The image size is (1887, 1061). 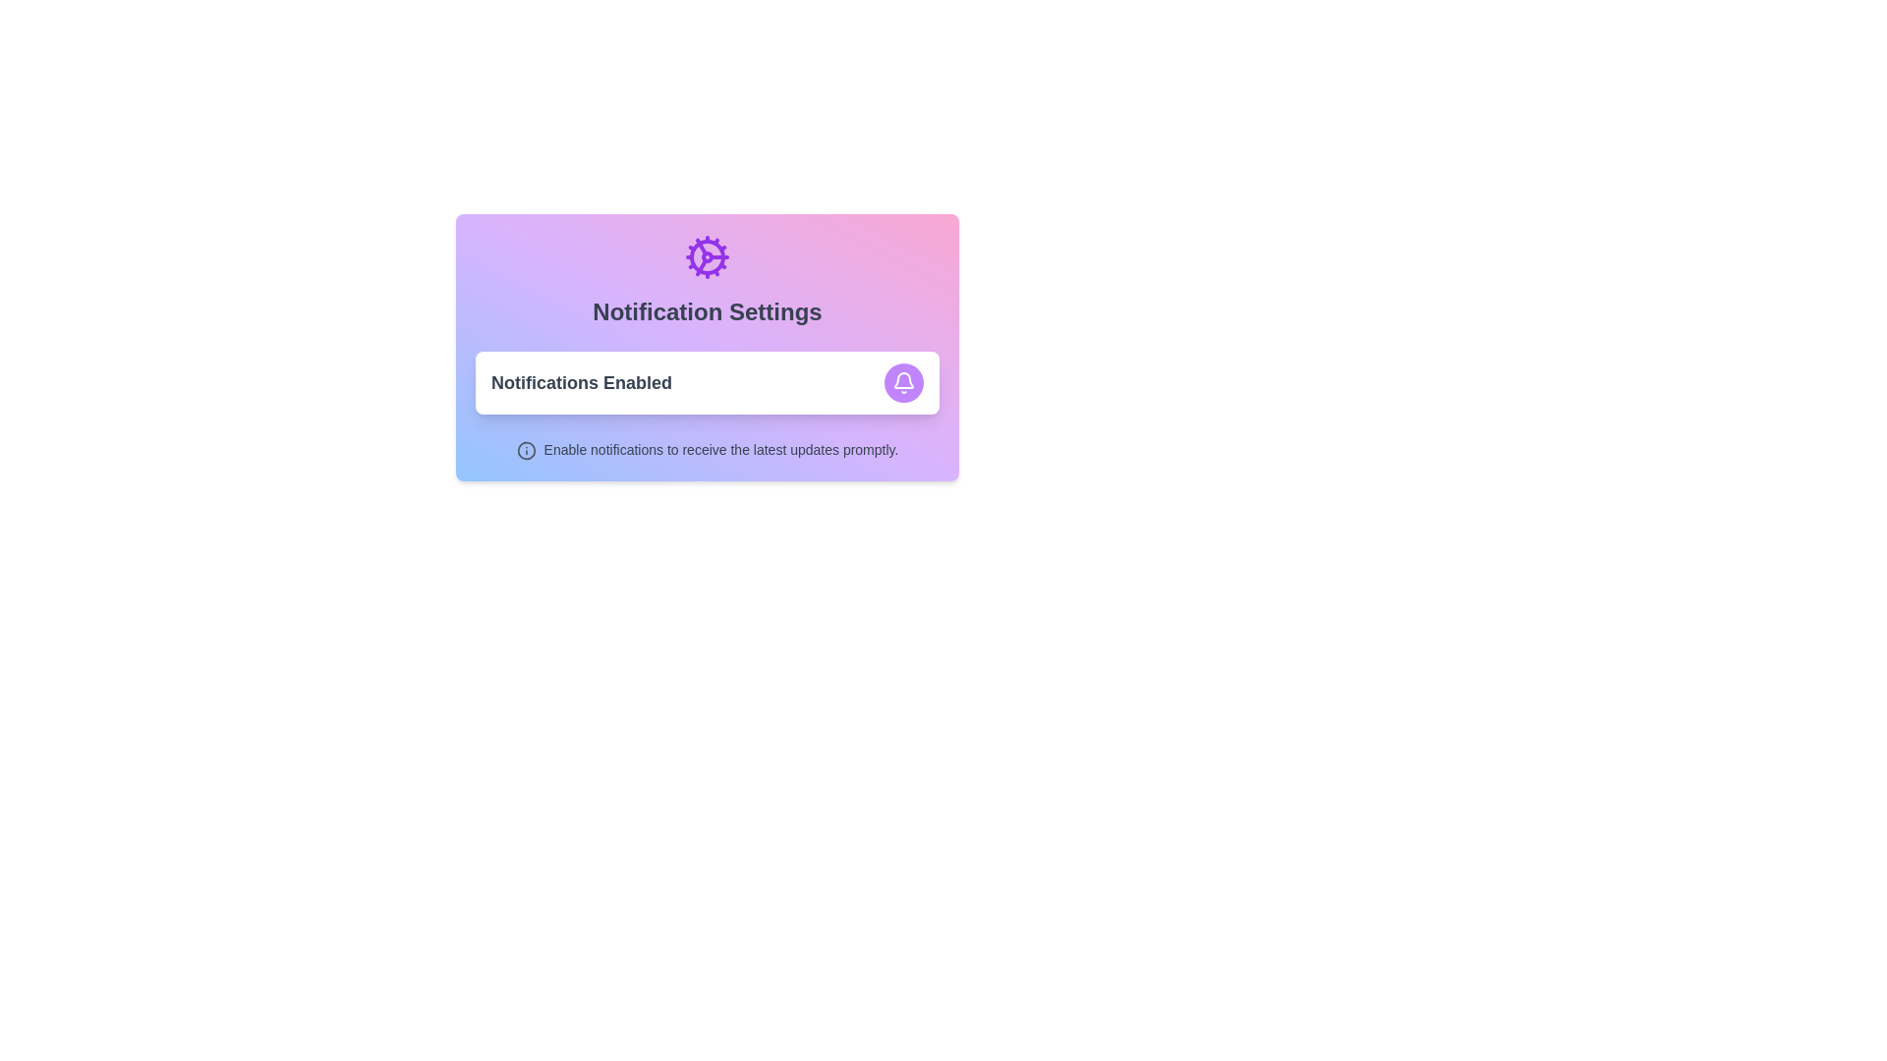 I want to click on the circular part of the information icon, which is located at the bottom left of the interface's main content box, so click(x=526, y=450).